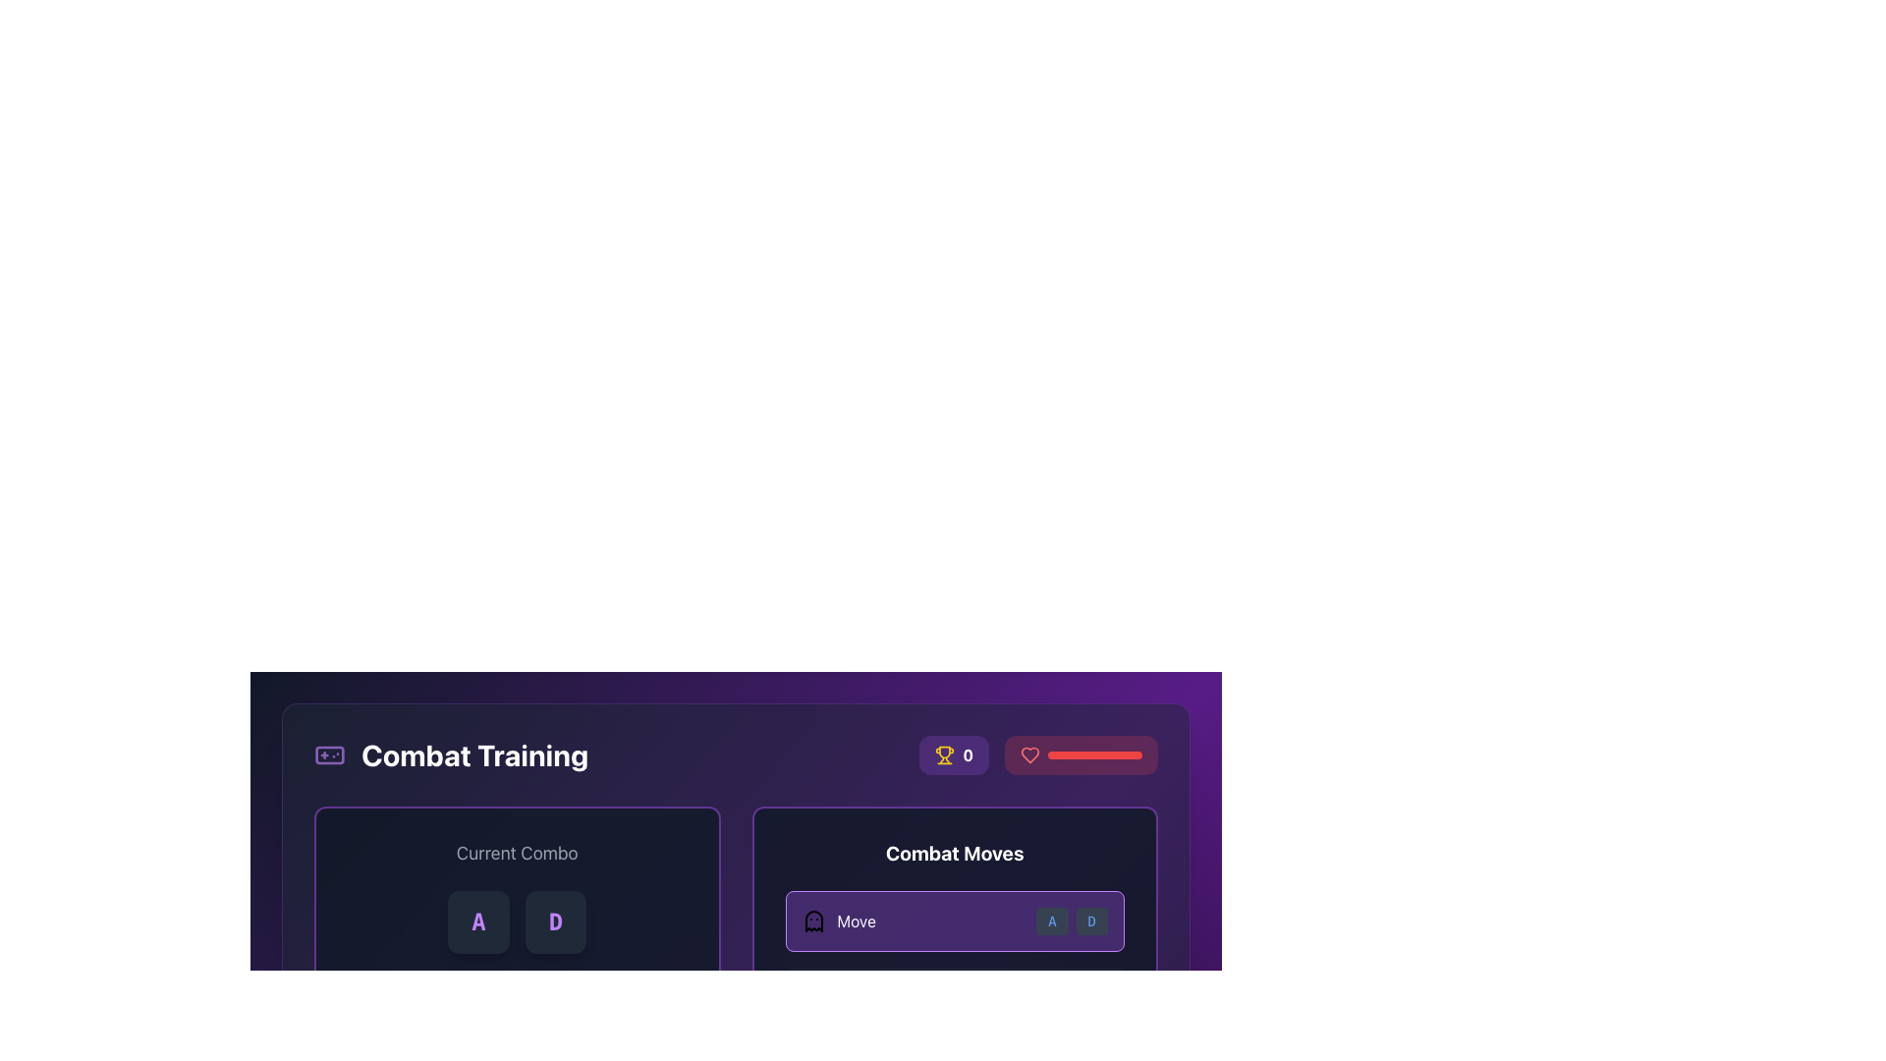  I want to click on the 'Move' button, which is the second button in the row of two buttons ('A' and 'D') within the 'Combat Moves' section, so click(1090, 921).